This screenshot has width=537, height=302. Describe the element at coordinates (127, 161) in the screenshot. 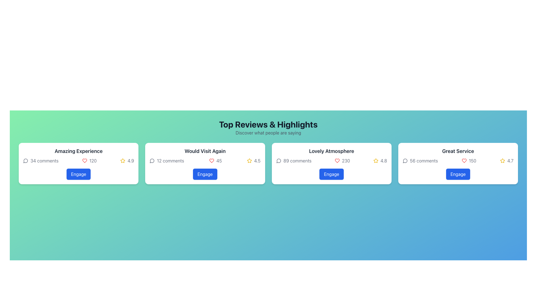

I see `the Rating Indicator element that displays a numeric rating of '4.9' and a yellow star icon, located in the bottom-right section of the first card under 'Amazing Experience.'` at that location.